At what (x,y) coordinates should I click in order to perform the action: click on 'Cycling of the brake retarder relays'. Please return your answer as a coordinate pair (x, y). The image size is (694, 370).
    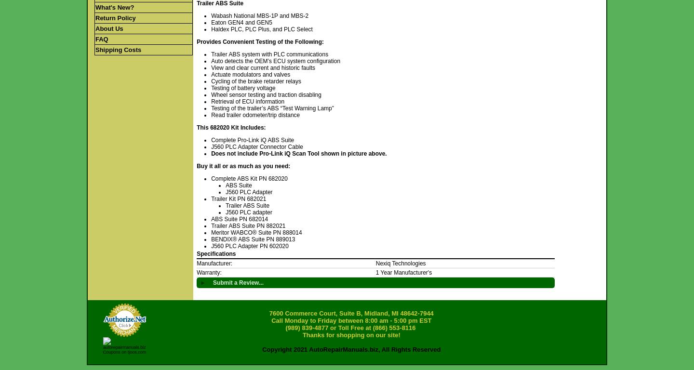
    Looking at the image, I should click on (255, 81).